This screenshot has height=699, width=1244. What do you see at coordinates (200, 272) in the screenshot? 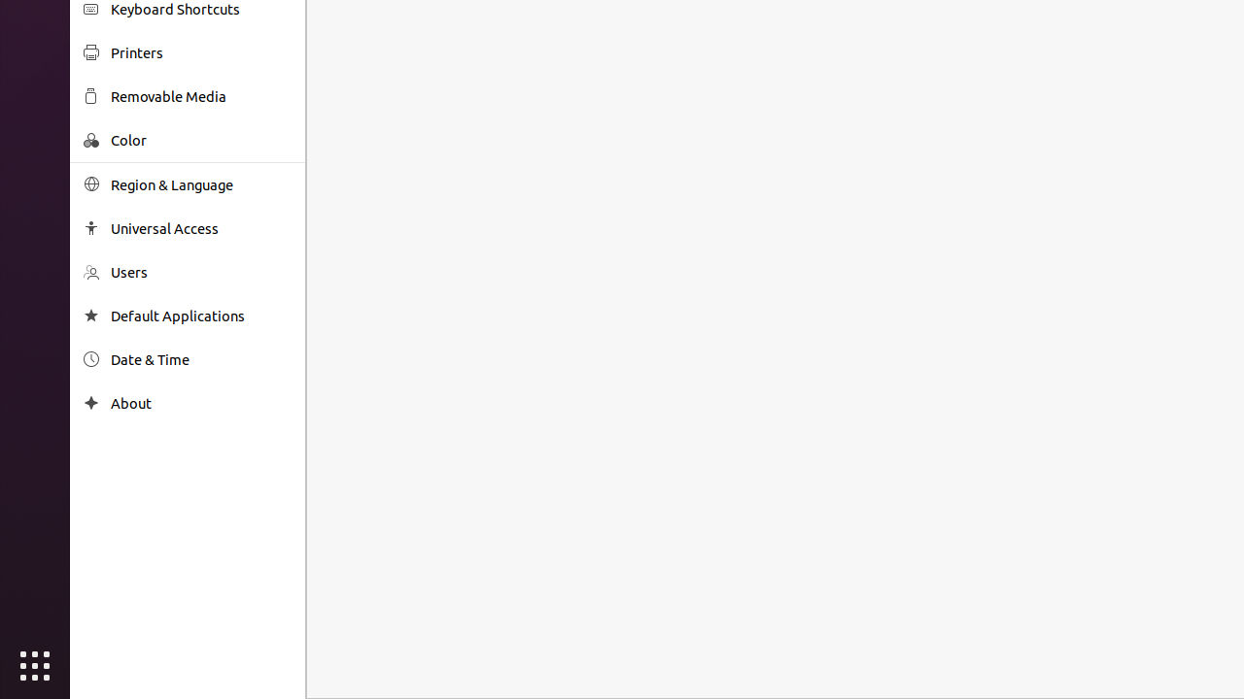
I see `'Users'` at bounding box center [200, 272].